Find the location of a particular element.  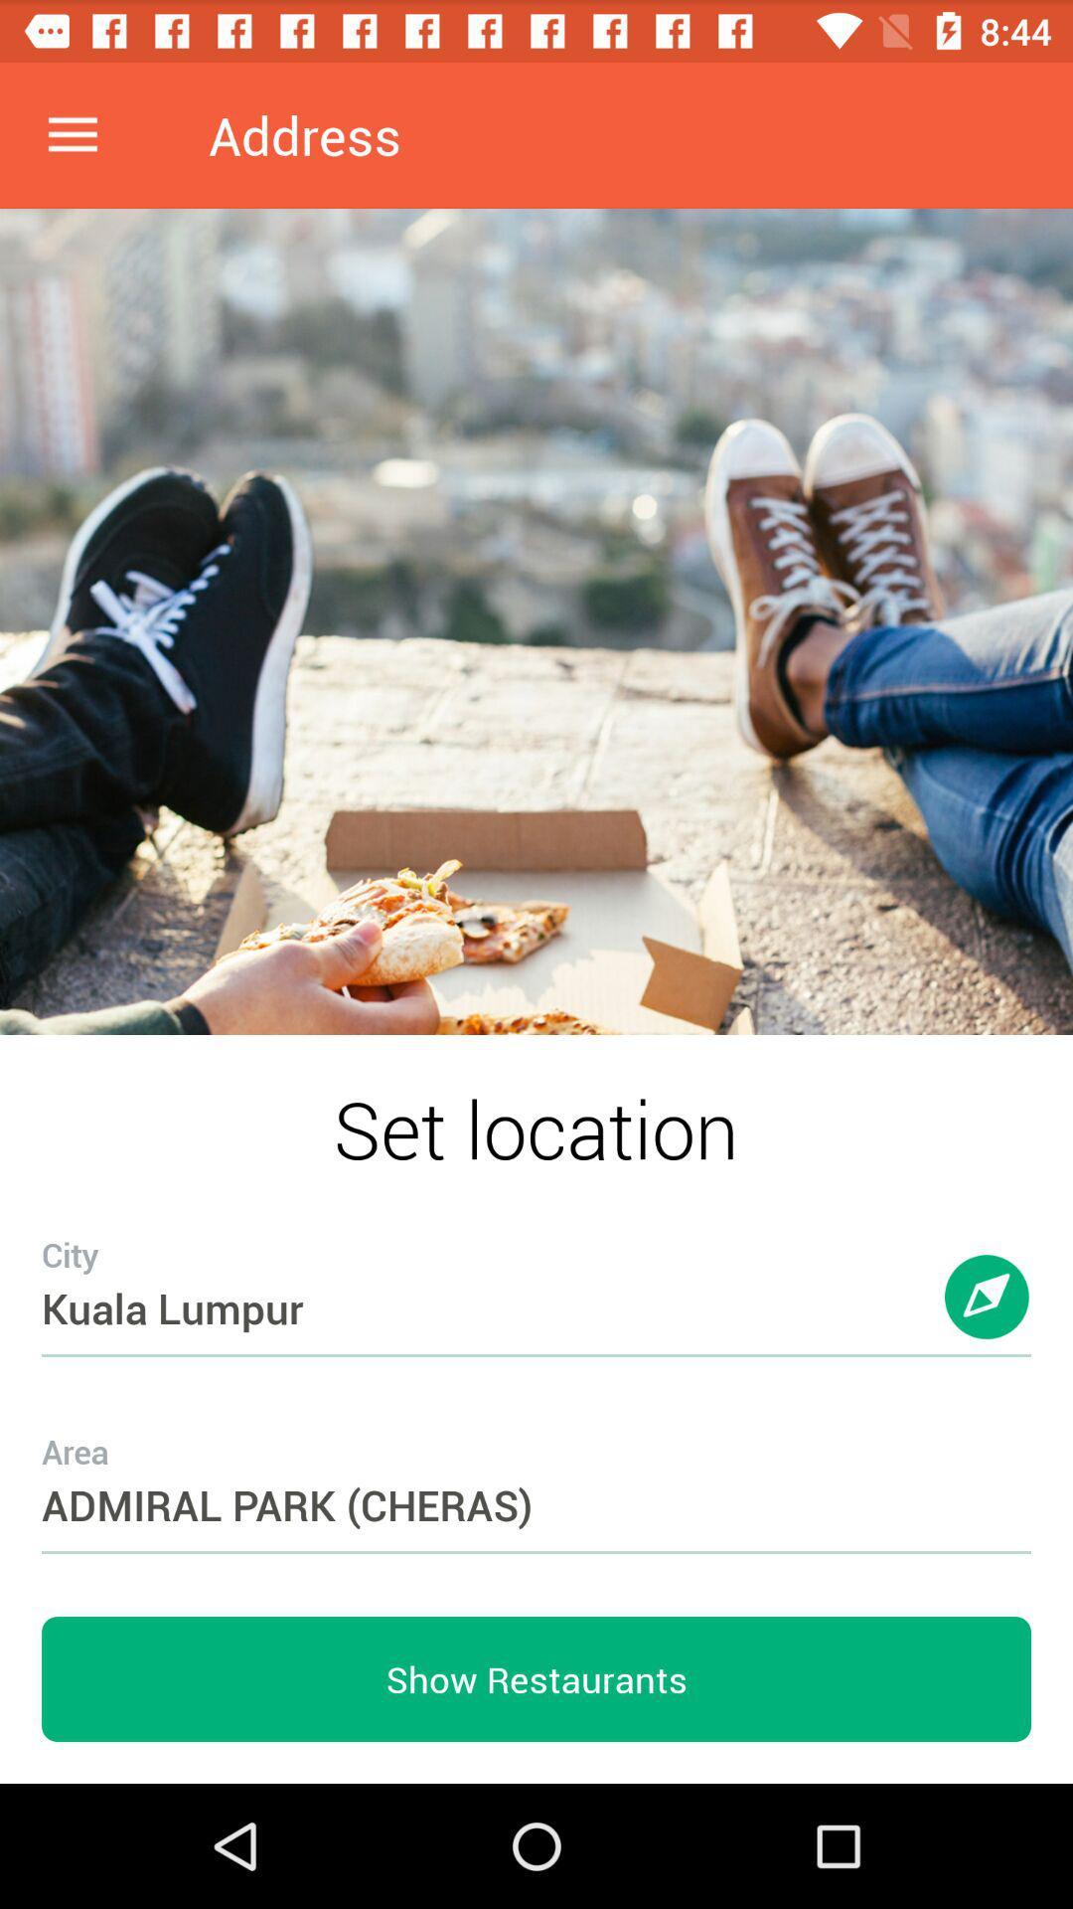

the icon above the show restaurants item is located at coordinates (536, 1466).